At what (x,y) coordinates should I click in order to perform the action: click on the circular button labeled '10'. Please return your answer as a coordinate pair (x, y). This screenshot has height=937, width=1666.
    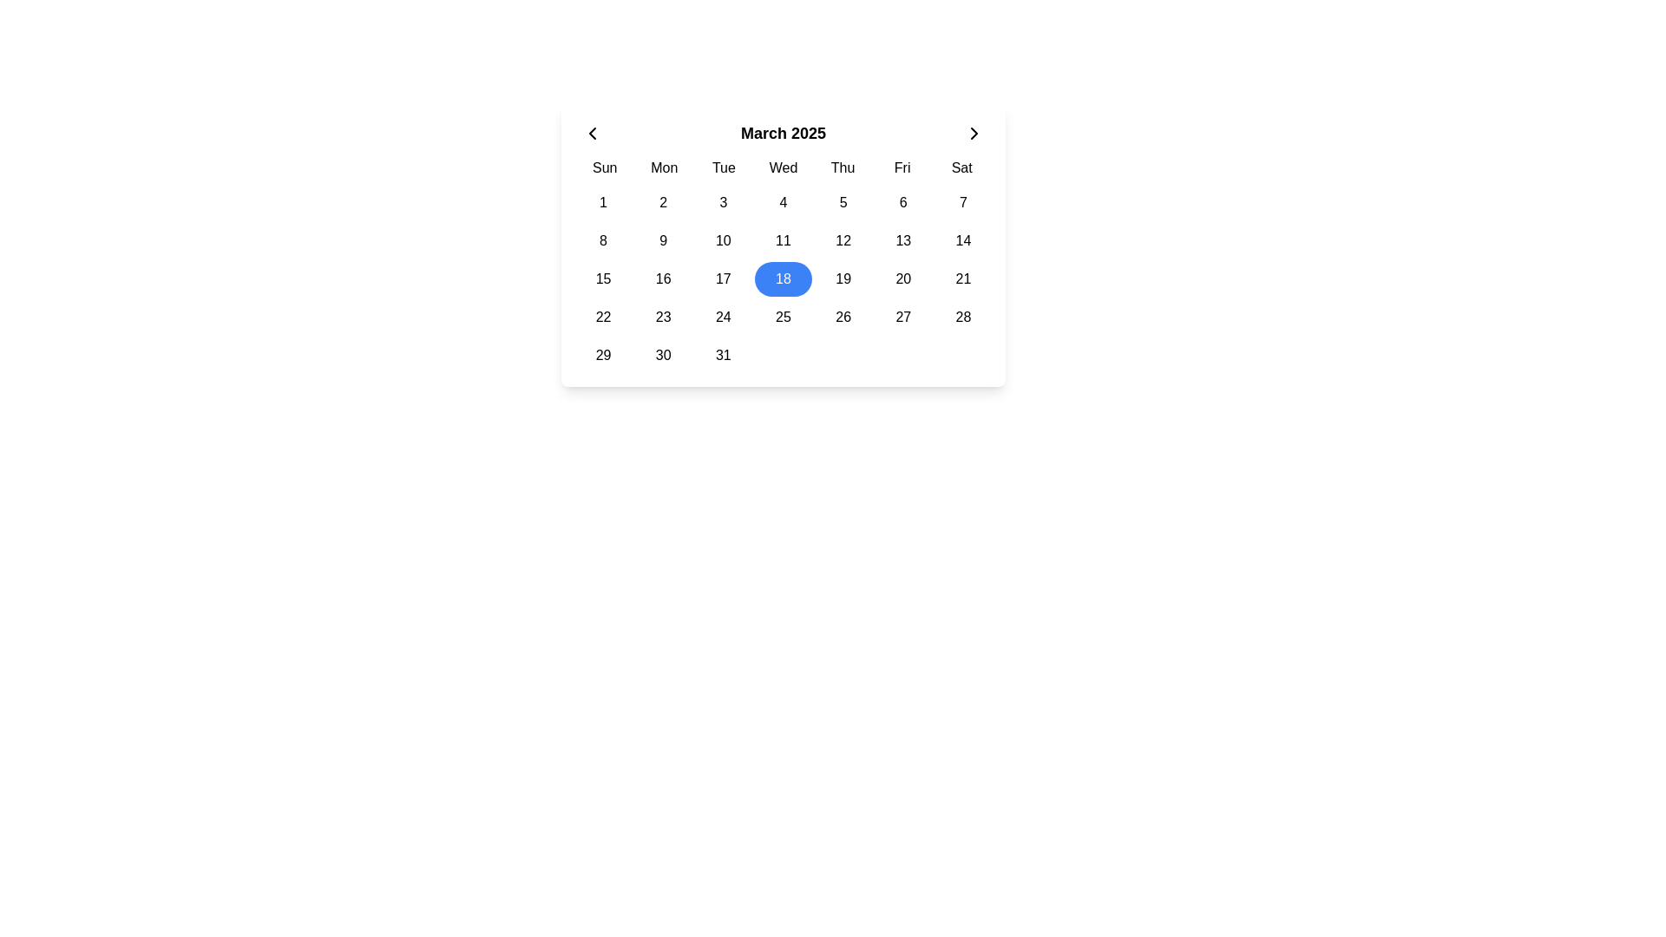
    Looking at the image, I should click on (723, 240).